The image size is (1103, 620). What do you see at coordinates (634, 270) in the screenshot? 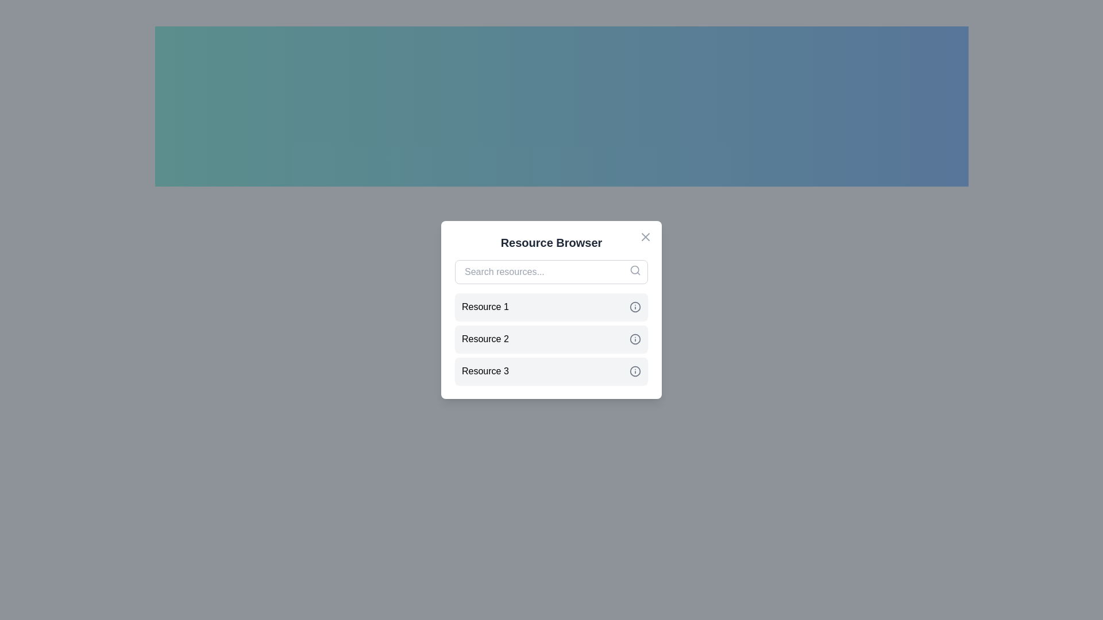
I see `the Icon Button (Magnifying Glass) located to the right of the 'Search resources...' text input field` at bounding box center [634, 270].